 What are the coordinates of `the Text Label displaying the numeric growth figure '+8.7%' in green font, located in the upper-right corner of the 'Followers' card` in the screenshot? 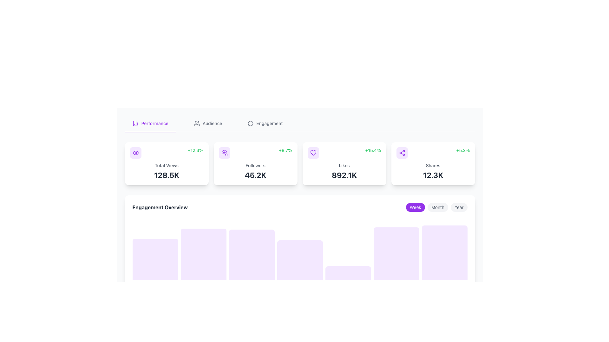 It's located at (285, 150).